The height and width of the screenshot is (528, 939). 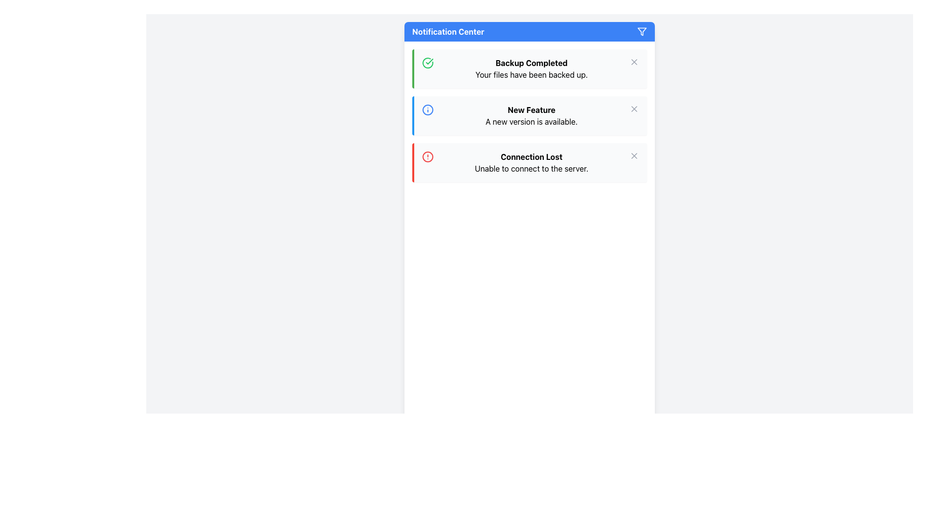 I want to click on the decorative circle in the 'New Feature' icon located in the second row of the Notification Center, so click(x=427, y=110).